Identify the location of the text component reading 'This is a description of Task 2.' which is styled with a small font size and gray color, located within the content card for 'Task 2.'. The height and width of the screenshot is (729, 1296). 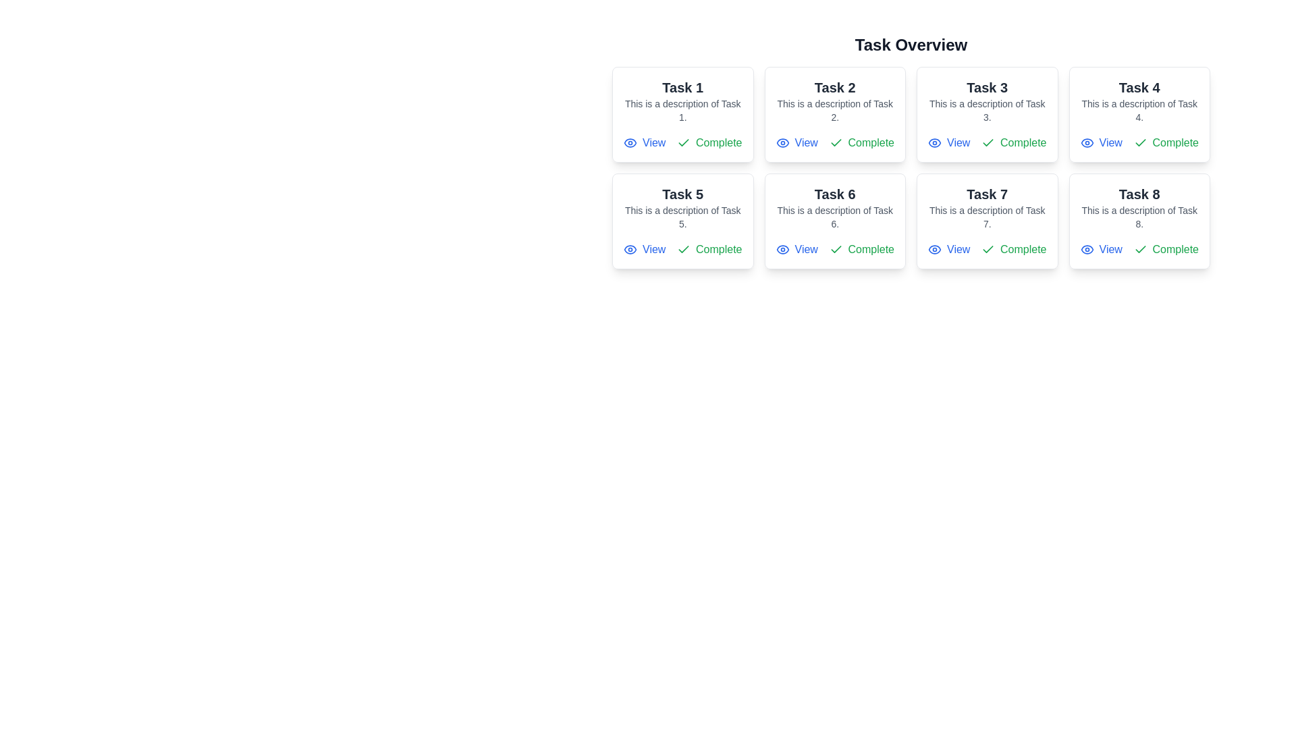
(834, 110).